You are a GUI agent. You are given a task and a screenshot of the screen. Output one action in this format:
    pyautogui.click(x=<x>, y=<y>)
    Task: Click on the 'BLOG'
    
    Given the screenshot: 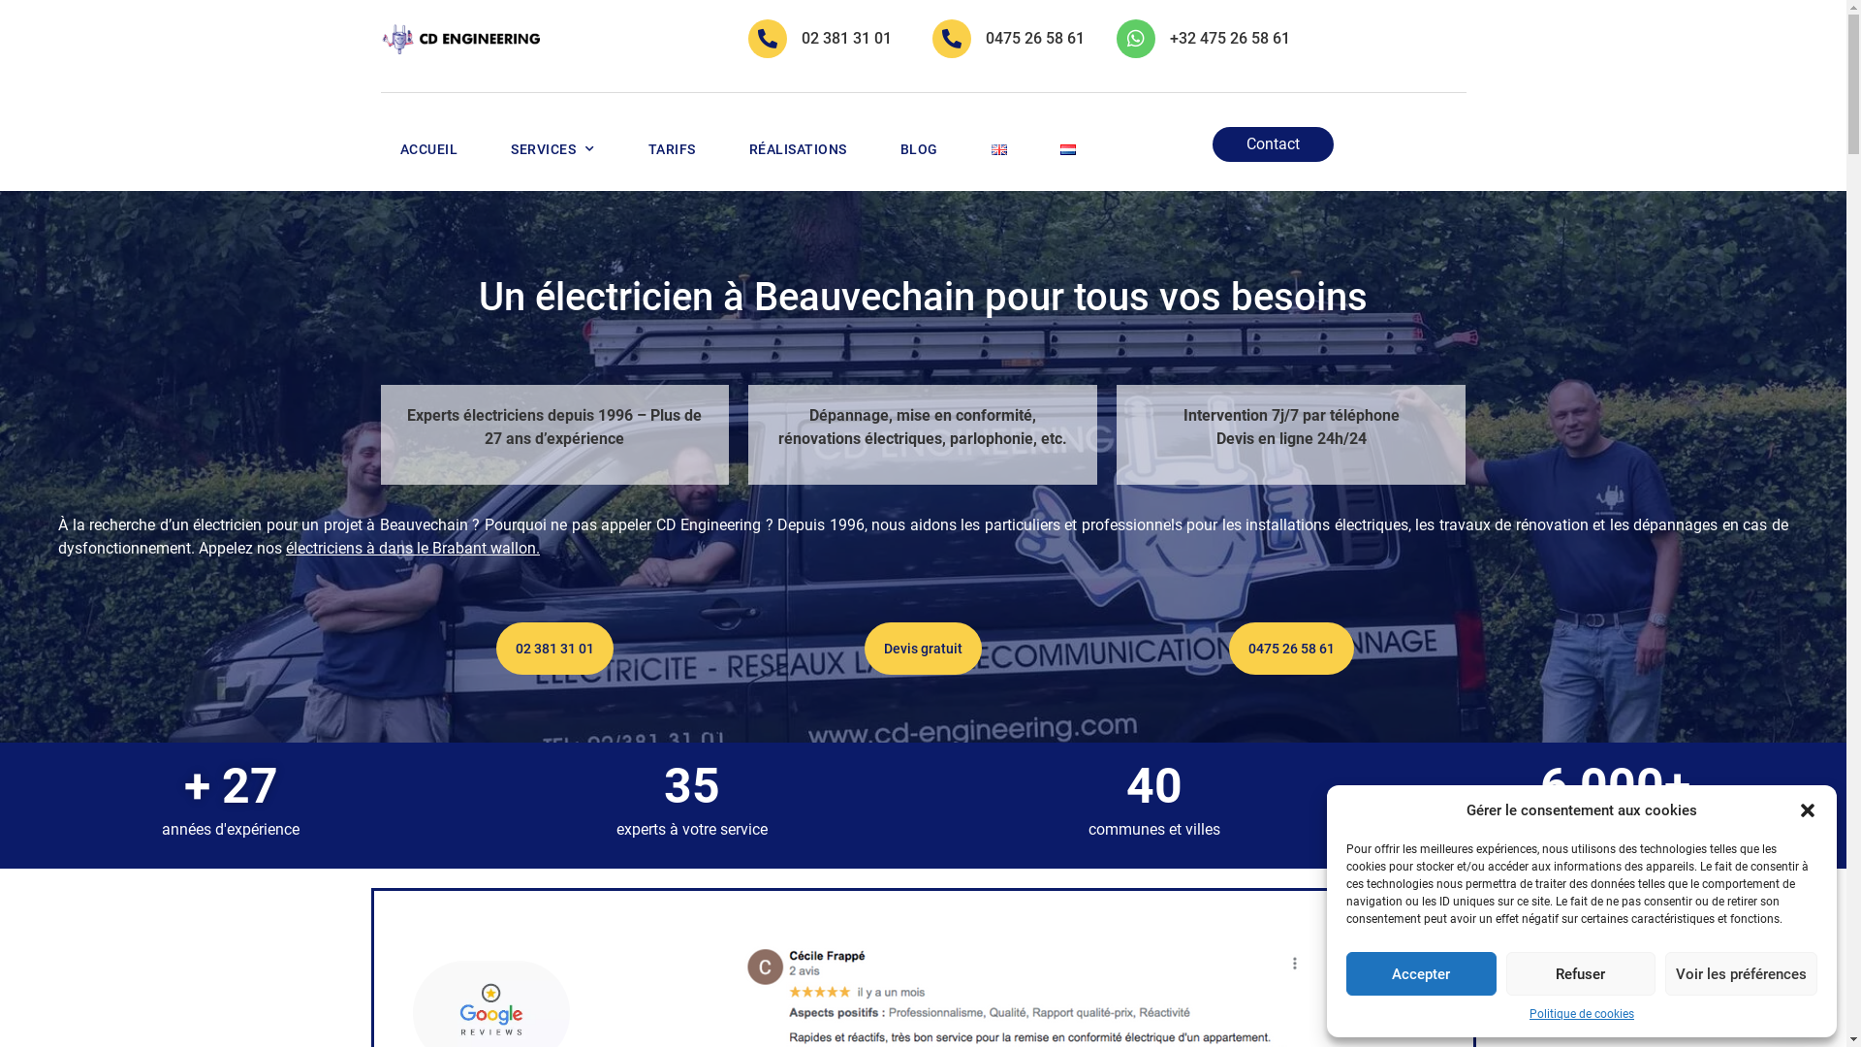 What is the action you would take?
    pyautogui.click(x=917, y=148)
    